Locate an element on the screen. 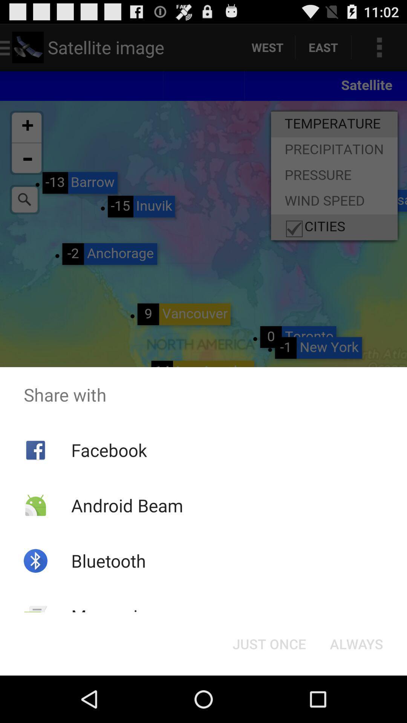 Image resolution: width=407 pixels, height=723 pixels. the facebook icon is located at coordinates (109, 450).